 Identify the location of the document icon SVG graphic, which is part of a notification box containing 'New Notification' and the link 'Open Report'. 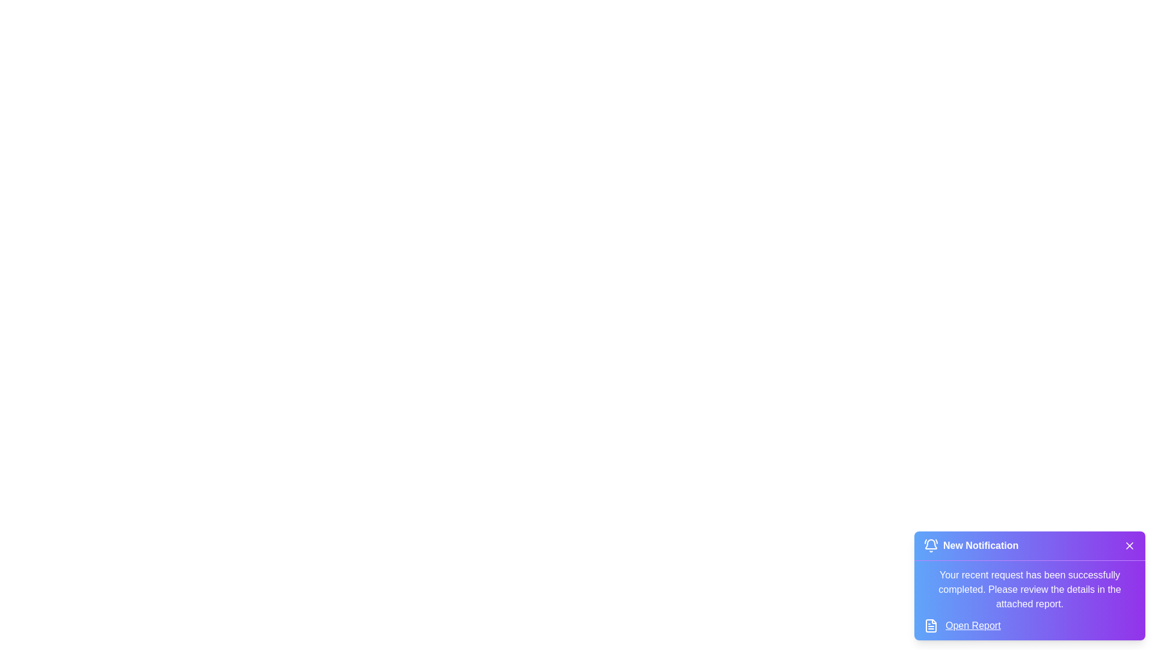
(931, 625).